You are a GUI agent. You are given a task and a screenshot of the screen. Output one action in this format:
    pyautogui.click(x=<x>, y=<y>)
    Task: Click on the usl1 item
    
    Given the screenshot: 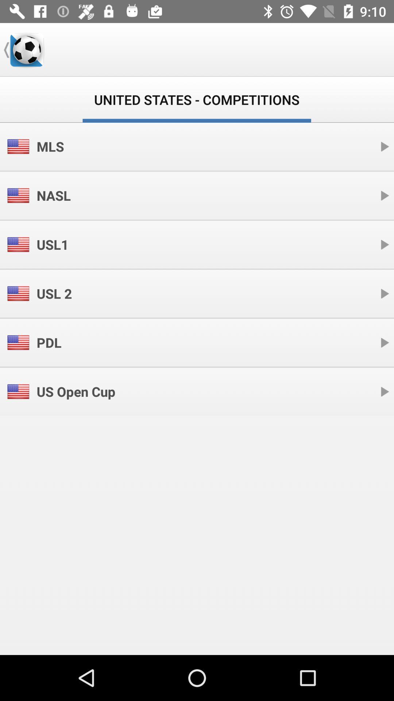 What is the action you would take?
    pyautogui.click(x=52, y=245)
    